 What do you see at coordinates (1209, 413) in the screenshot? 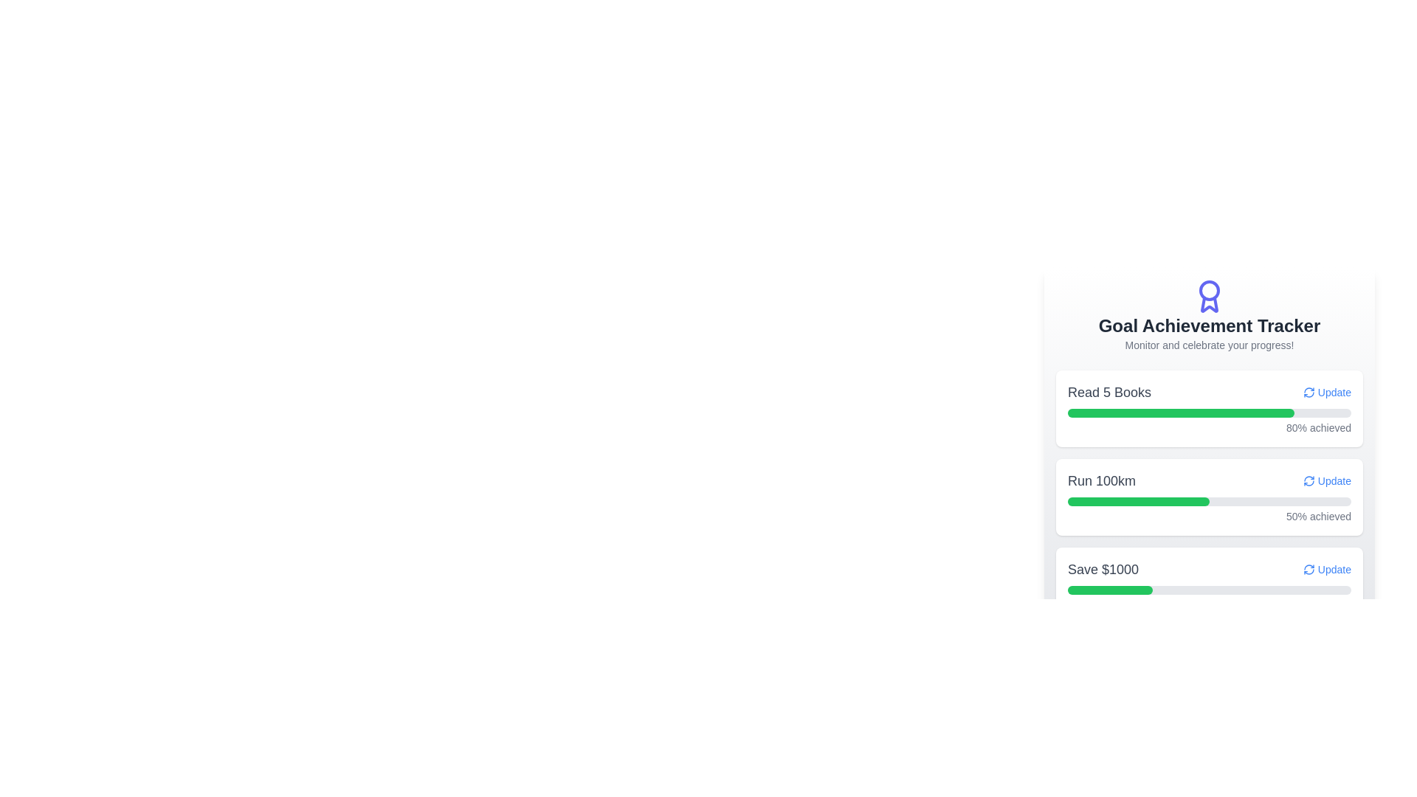
I see `the progress bar indicating 80% completion within the 'Read 5 Books Update 80% achieved' card` at bounding box center [1209, 413].